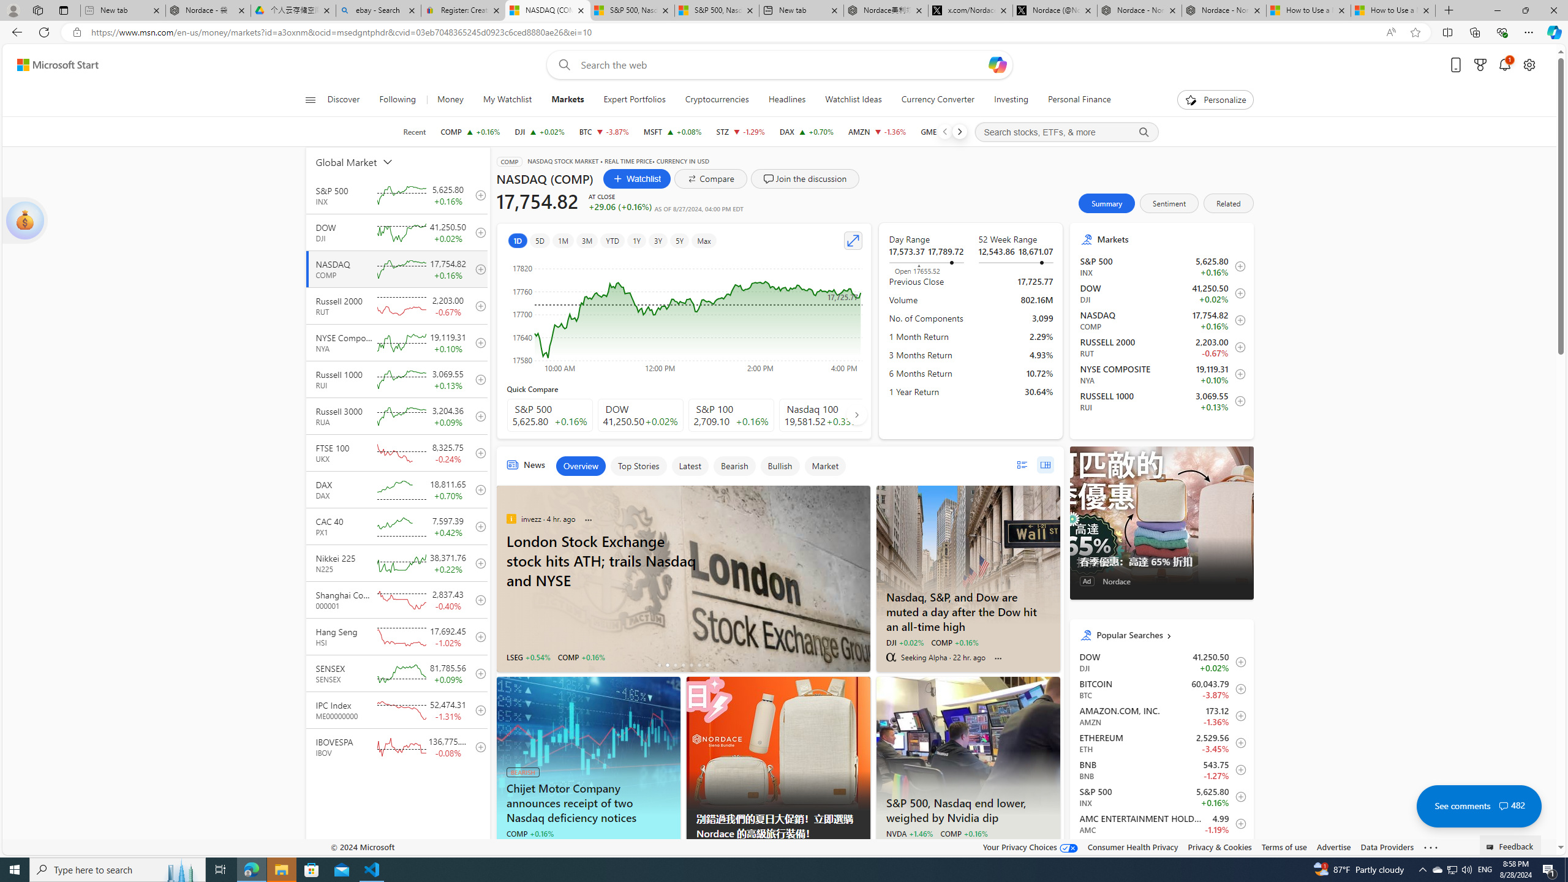 The height and width of the screenshot is (882, 1568). What do you see at coordinates (1480, 65) in the screenshot?
I see `'Microsoft rewards'` at bounding box center [1480, 65].